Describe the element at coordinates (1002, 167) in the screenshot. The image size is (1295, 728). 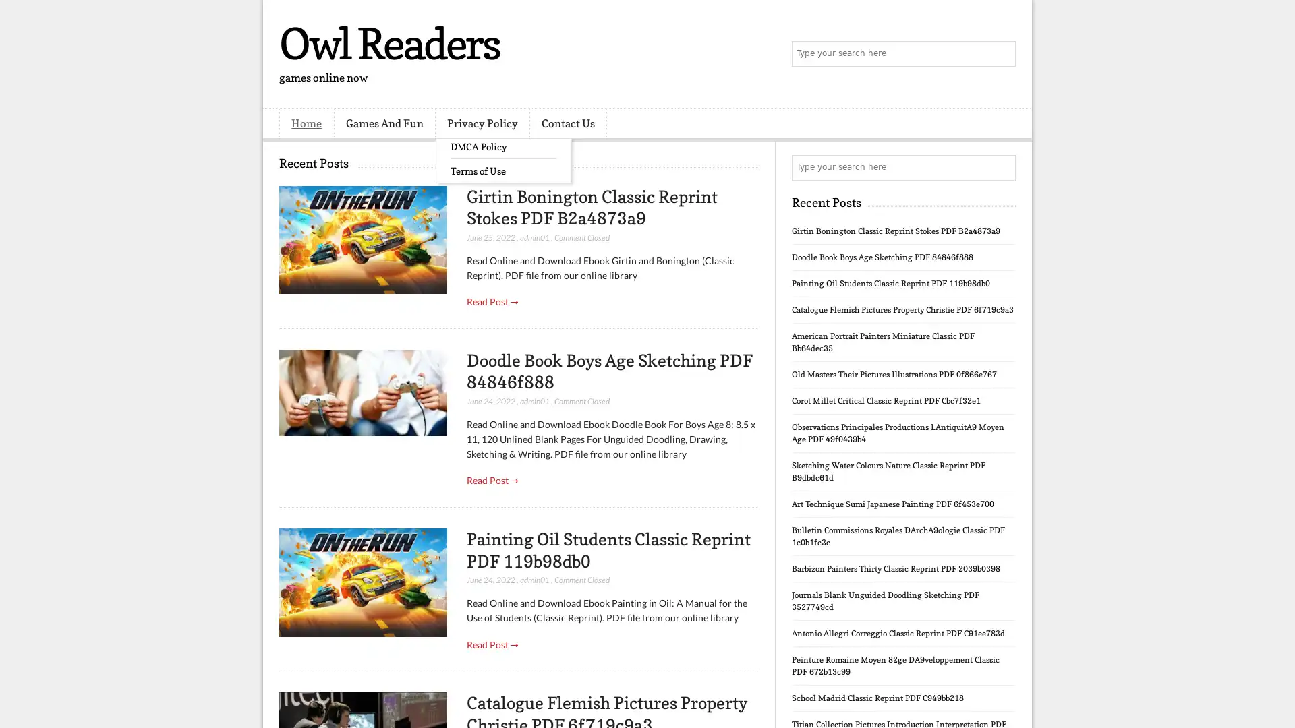
I see `Search` at that location.